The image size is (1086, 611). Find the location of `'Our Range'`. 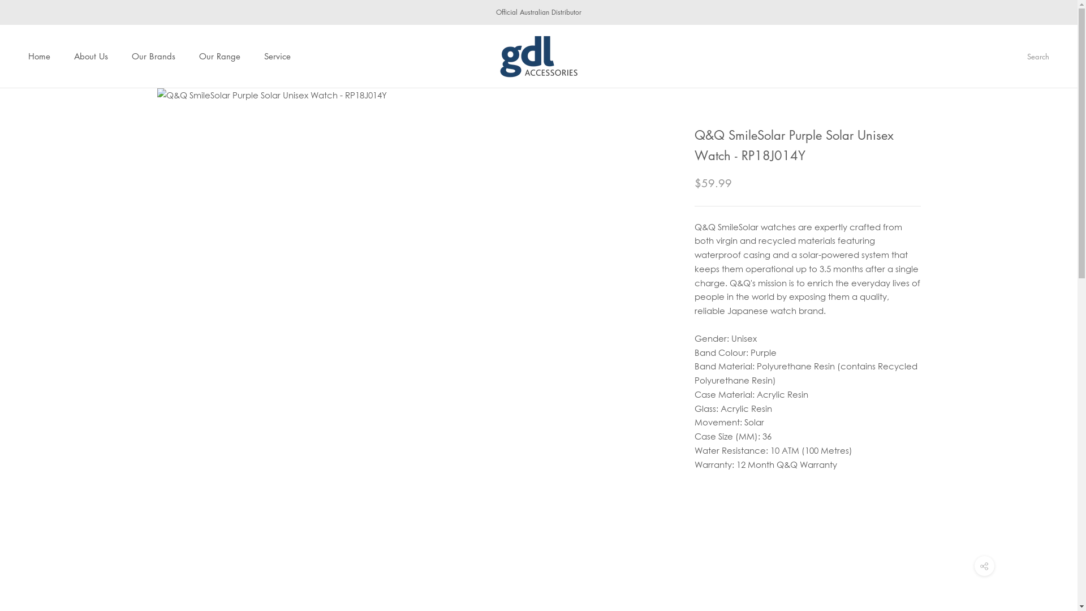

'Our Range' is located at coordinates (219, 56).